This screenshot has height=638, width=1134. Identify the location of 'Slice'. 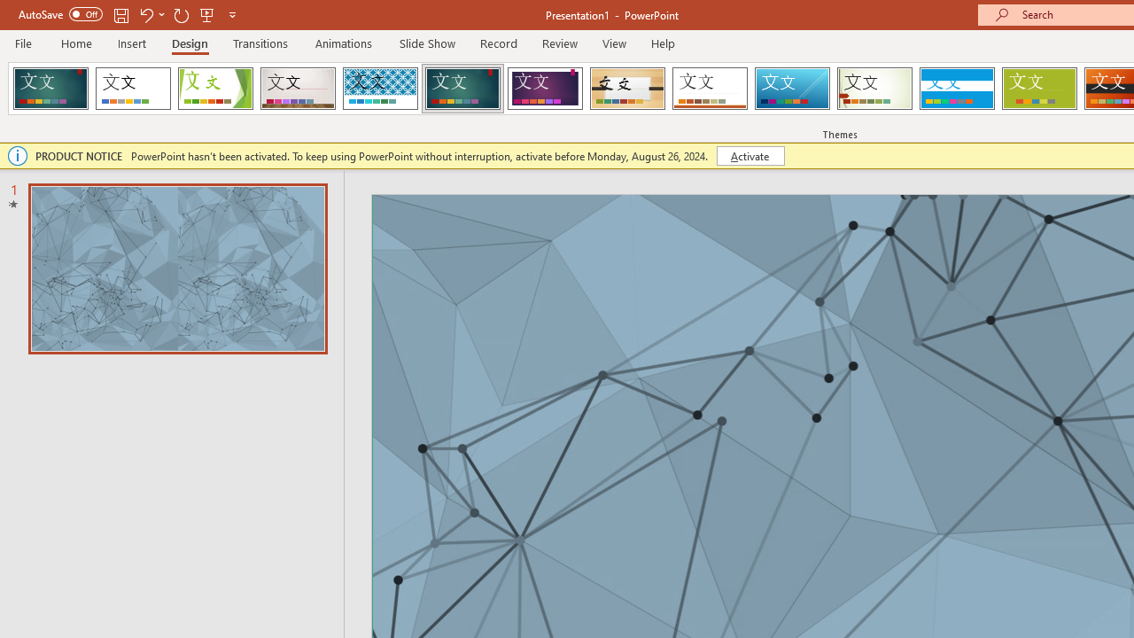
(791, 89).